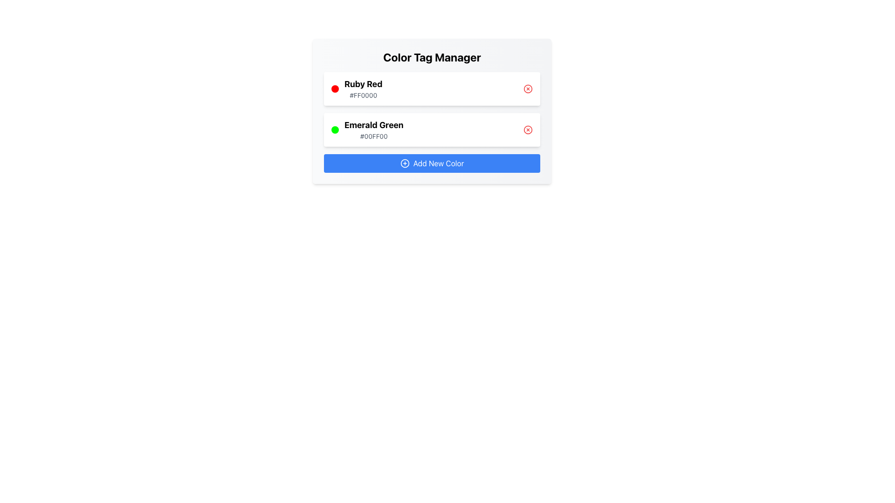  I want to click on the 'Add New Color' button with a blue background and white text, so click(431, 163).